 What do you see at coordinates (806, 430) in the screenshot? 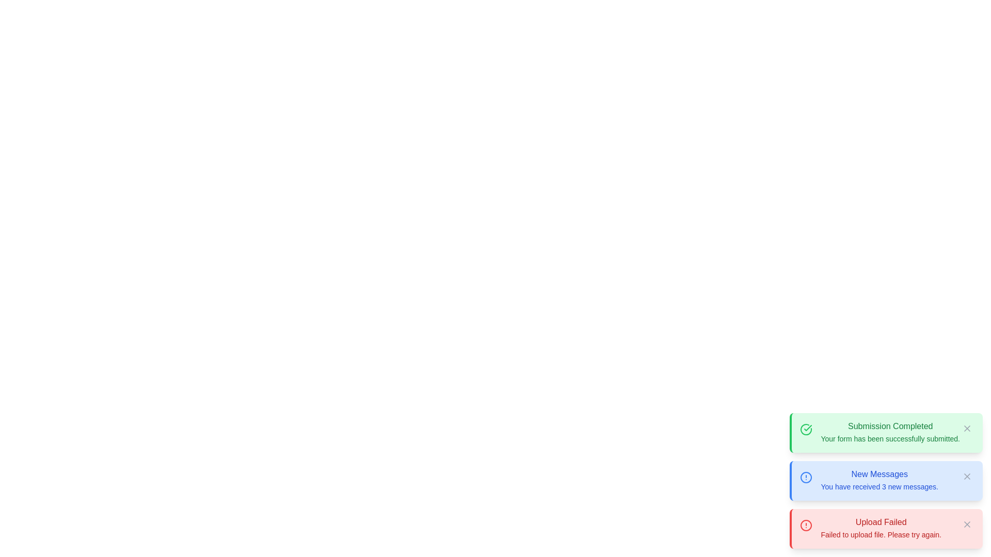
I see `the green circular icon with a checkmark inside, located in the top-left corner of the 'Submission Completed' message box` at bounding box center [806, 430].